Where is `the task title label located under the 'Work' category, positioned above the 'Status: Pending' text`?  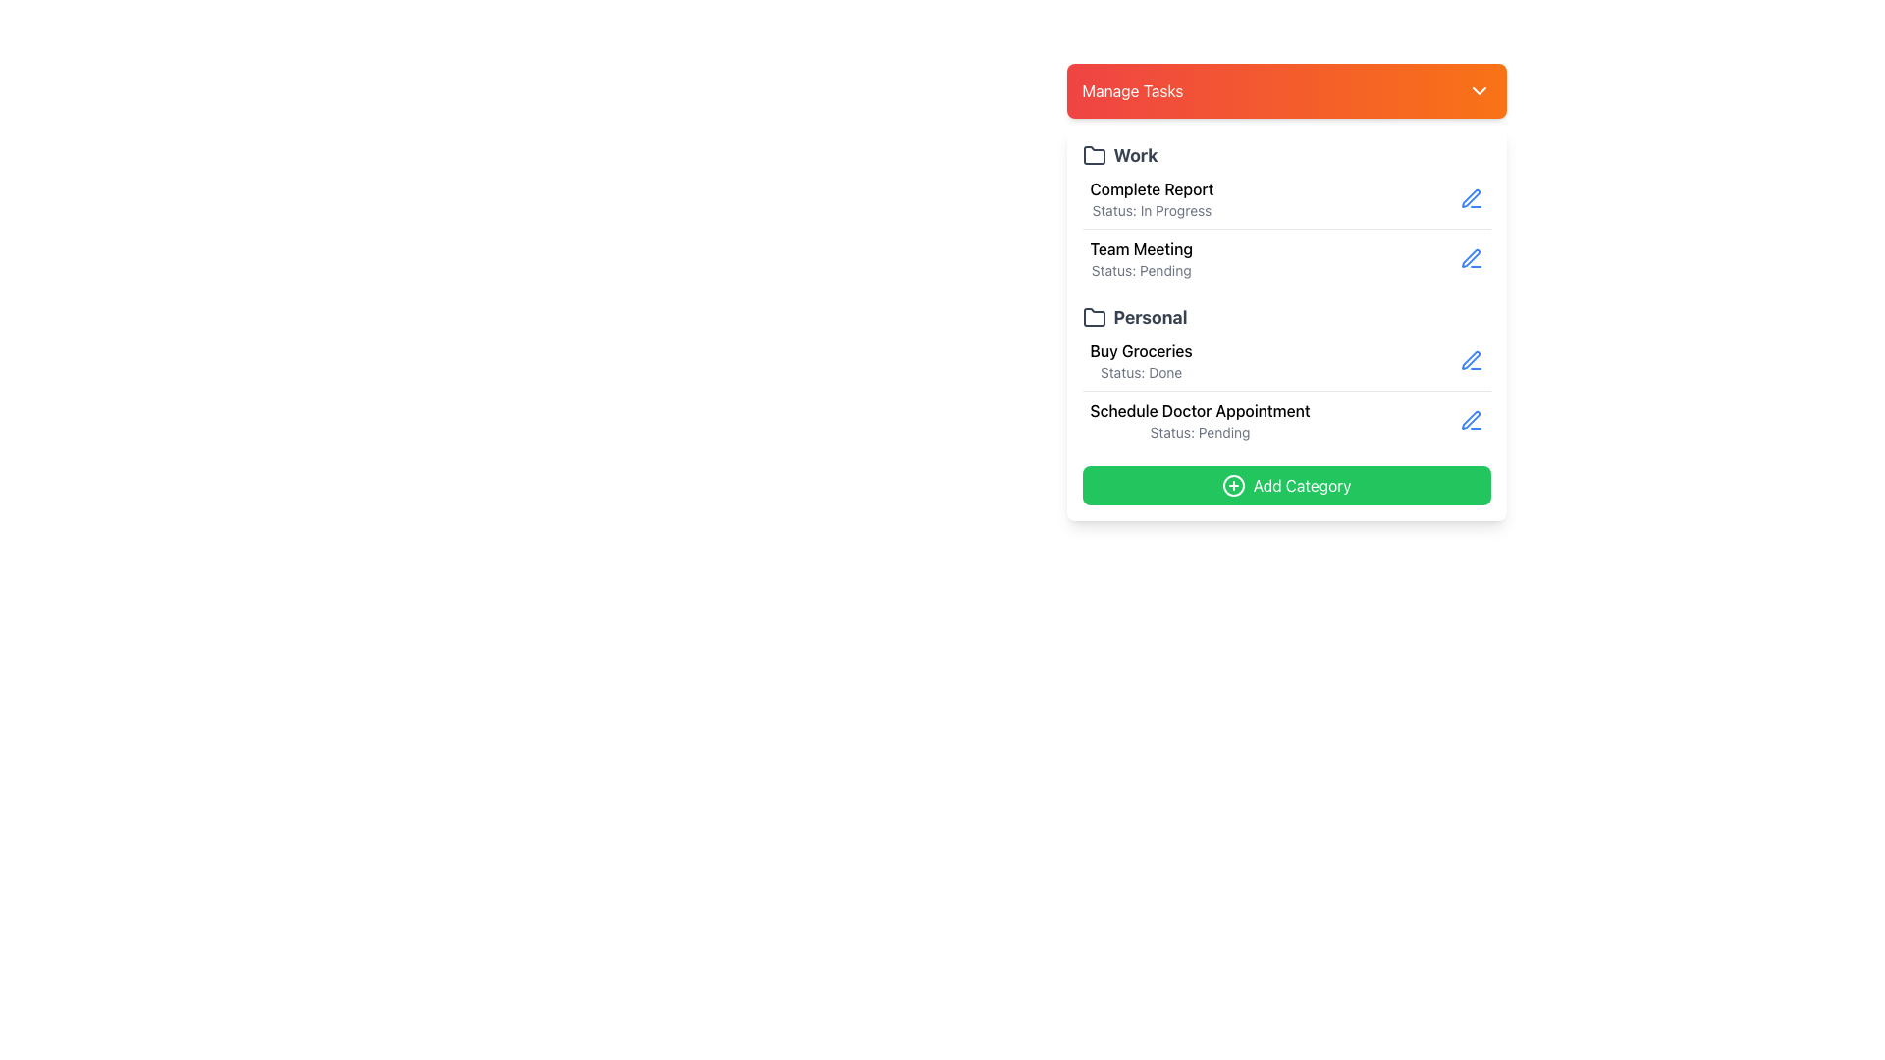
the task title label located under the 'Work' category, positioned above the 'Status: Pending' text is located at coordinates (1141, 248).